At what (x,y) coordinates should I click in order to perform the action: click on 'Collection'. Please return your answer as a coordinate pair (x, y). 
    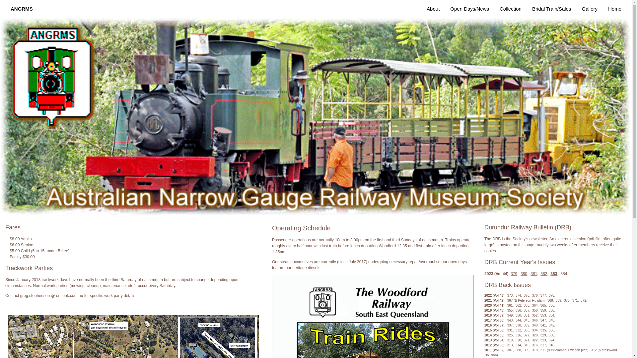
    Looking at the image, I should click on (510, 9).